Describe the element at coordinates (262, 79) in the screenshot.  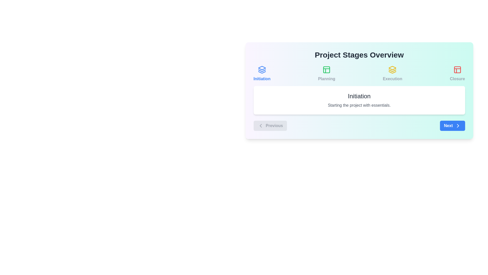
I see `text label indicating the 'Initiation' stage in the multi-step process, which is located below the 'Project Stages Overview' icon` at that location.